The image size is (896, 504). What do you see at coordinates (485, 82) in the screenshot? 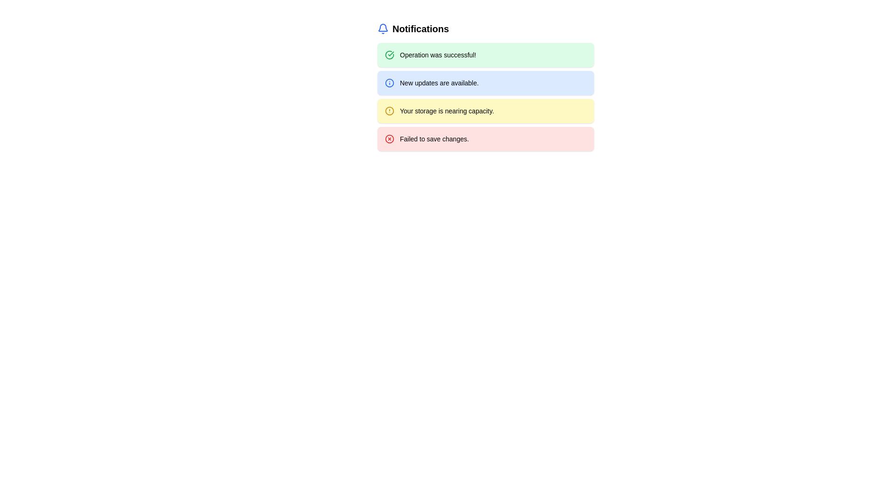
I see `the notification tile with a light blue background that displays the message 'New updates are available.'` at bounding box center [485, 82].